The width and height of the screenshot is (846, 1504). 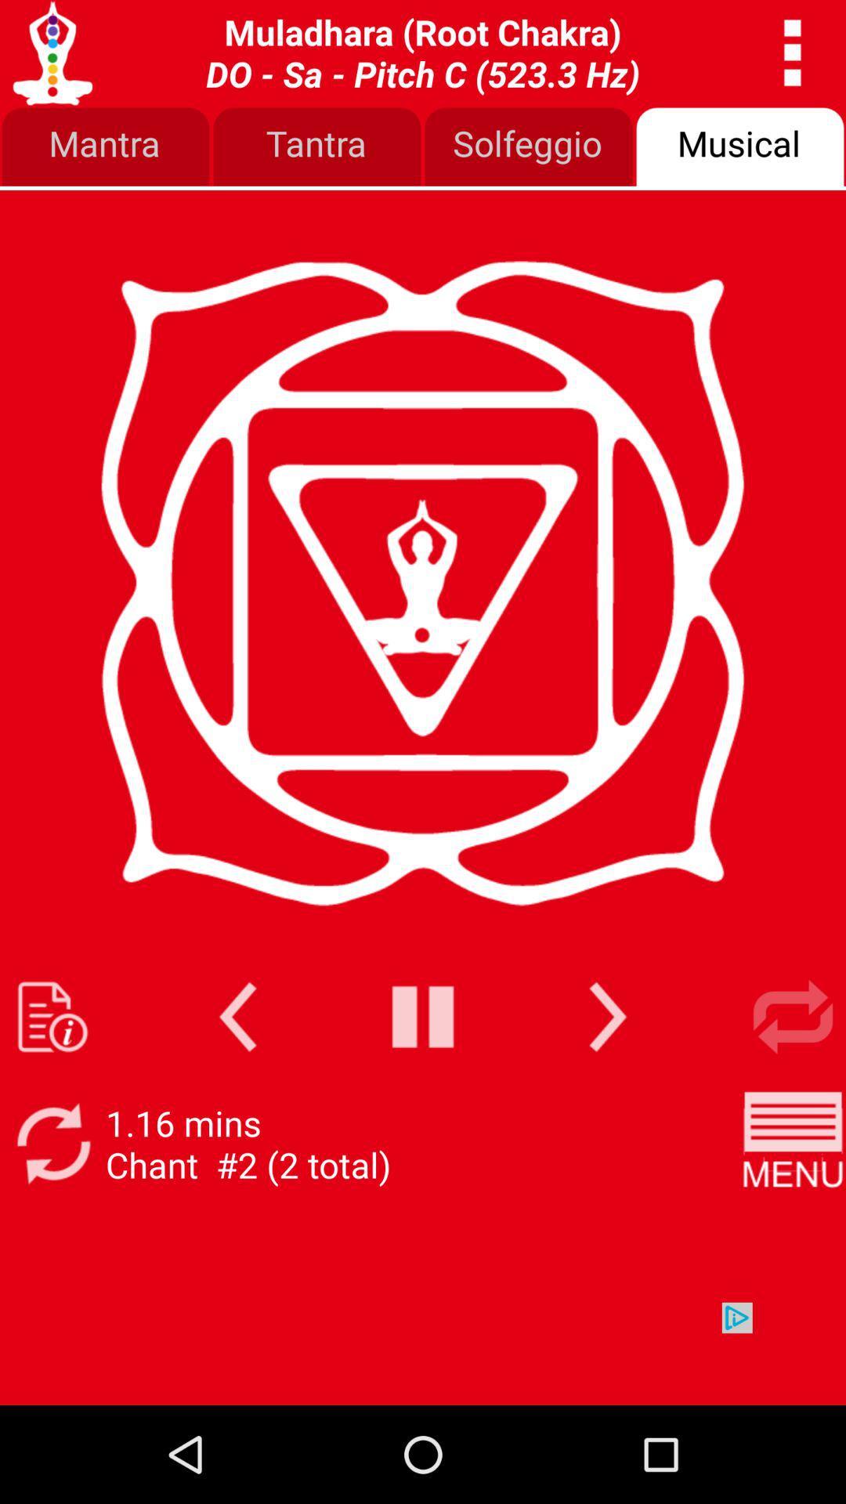 I want to click on the tantra icon, so click(x=317, y=147).